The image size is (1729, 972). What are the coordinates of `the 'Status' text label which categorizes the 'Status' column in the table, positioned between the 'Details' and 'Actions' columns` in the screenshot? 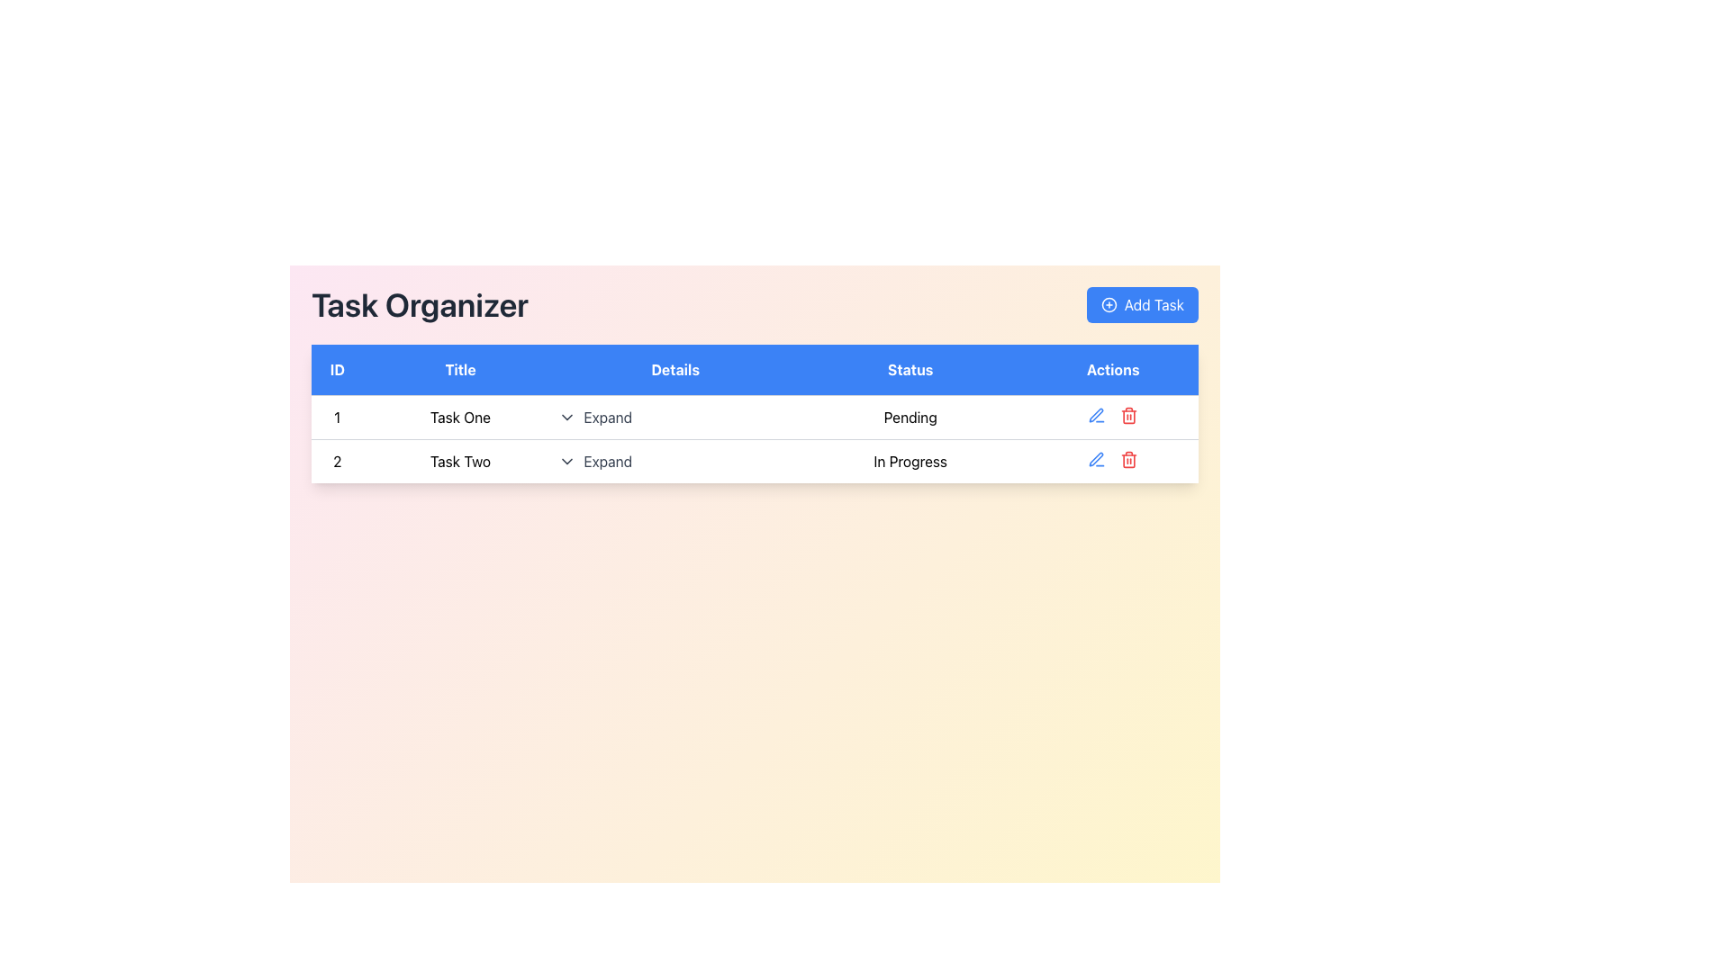 It's located at (910, 369).